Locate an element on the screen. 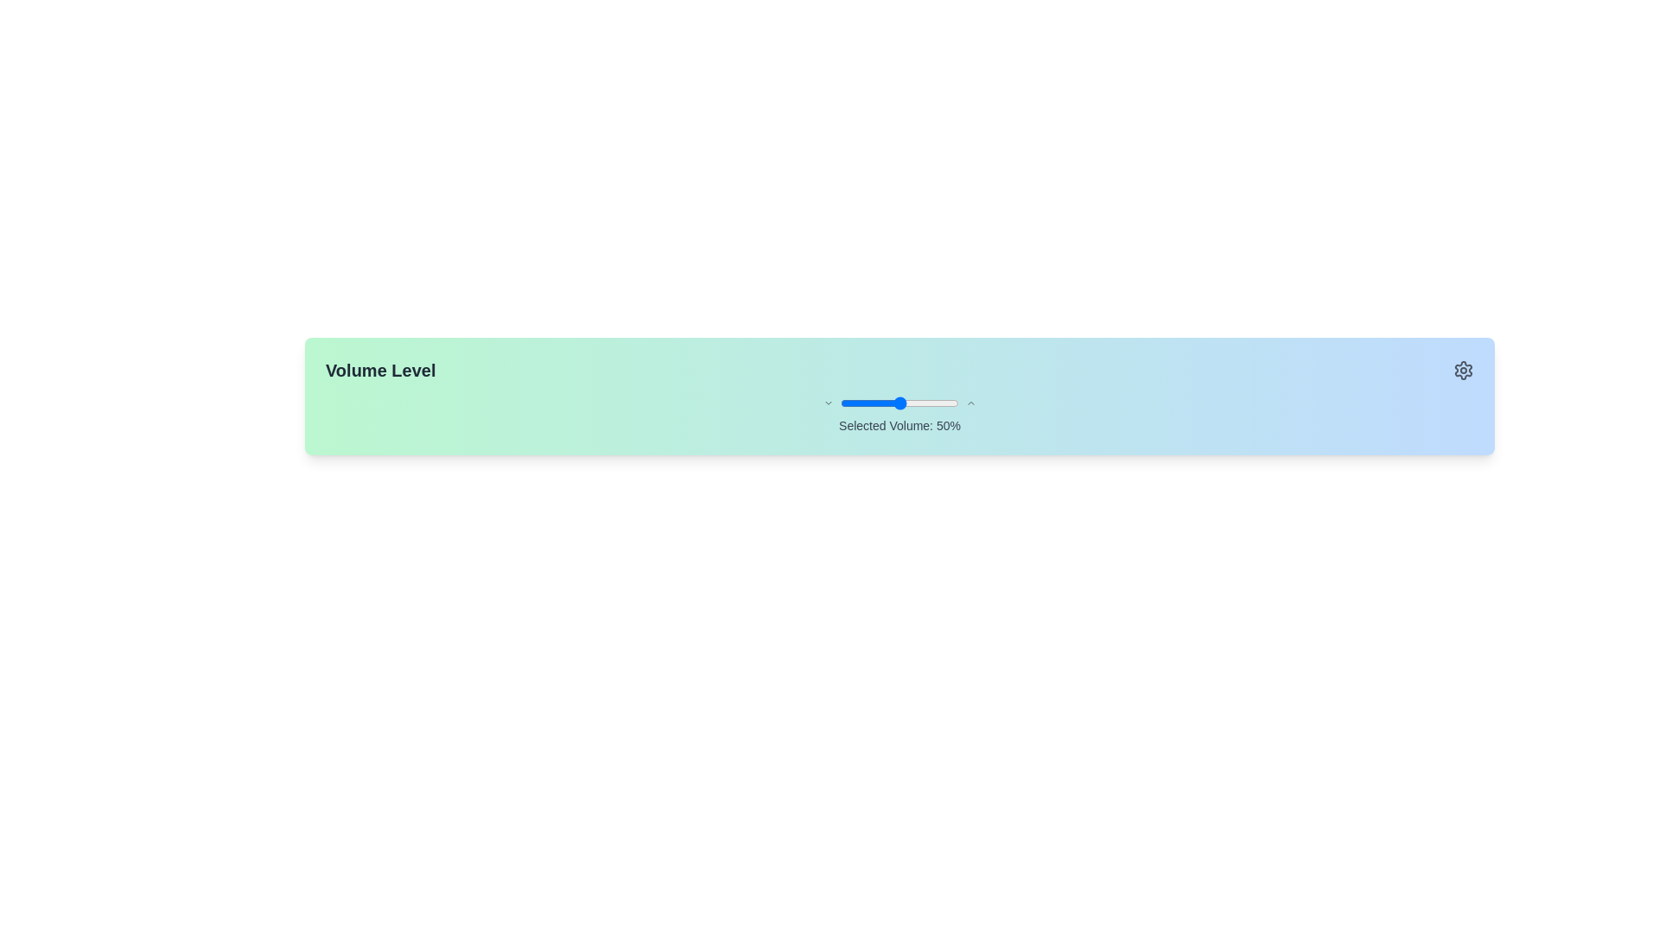 Image resolution: width=1659 pixels, height=933 pixels. the slider value is located at coordinates (901, 403).